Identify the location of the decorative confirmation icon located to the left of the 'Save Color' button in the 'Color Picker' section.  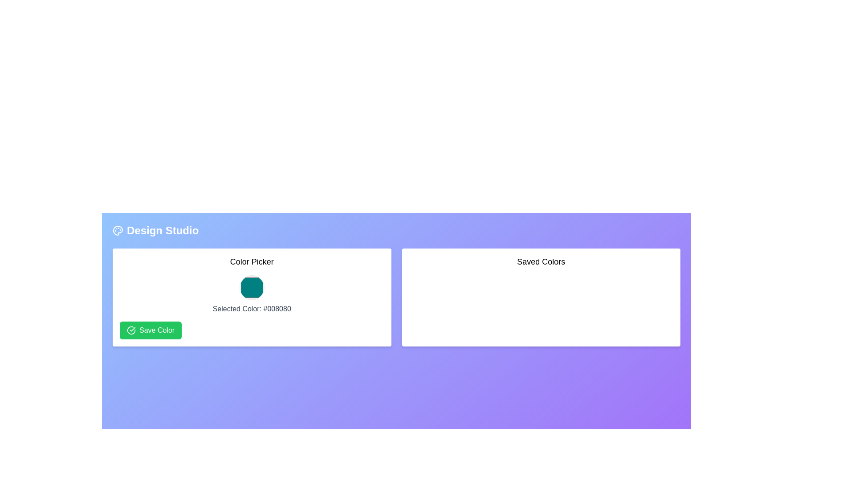
(130, 330).